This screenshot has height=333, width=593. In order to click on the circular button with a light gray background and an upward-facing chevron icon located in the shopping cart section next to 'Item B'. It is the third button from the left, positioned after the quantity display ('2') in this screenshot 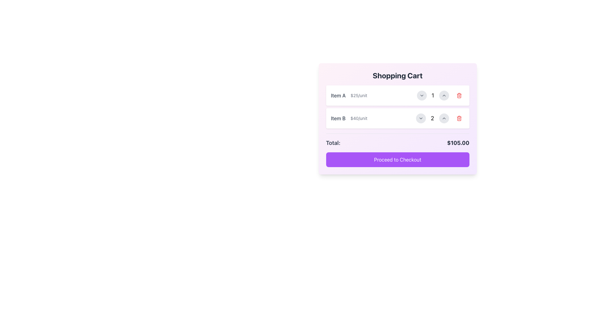, I will do `click(444, 118)`.